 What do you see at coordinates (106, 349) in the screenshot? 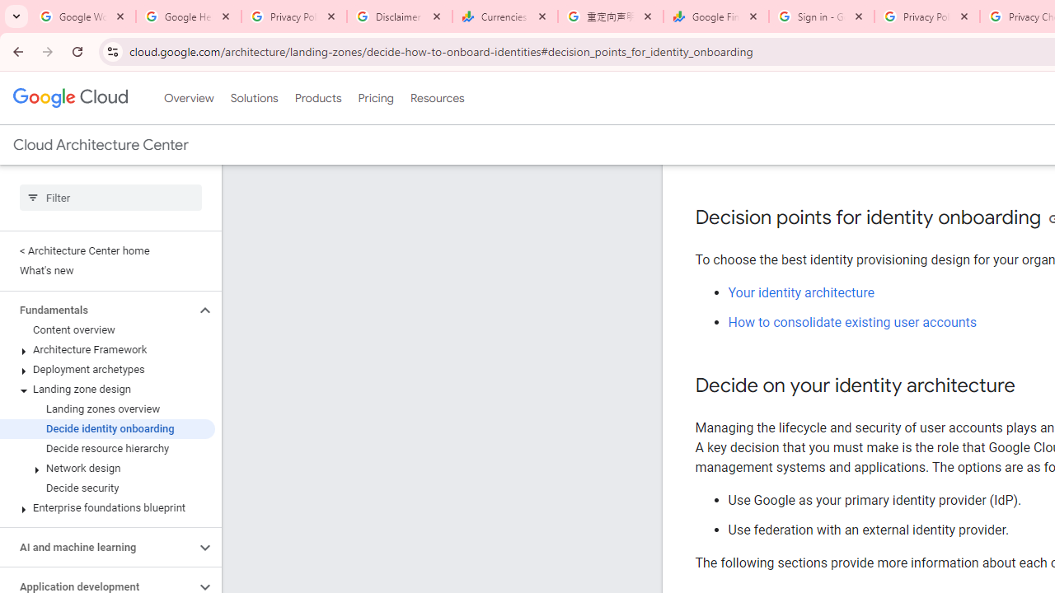
I see `'Architecture Framework'` at bounding box center [106, 349].